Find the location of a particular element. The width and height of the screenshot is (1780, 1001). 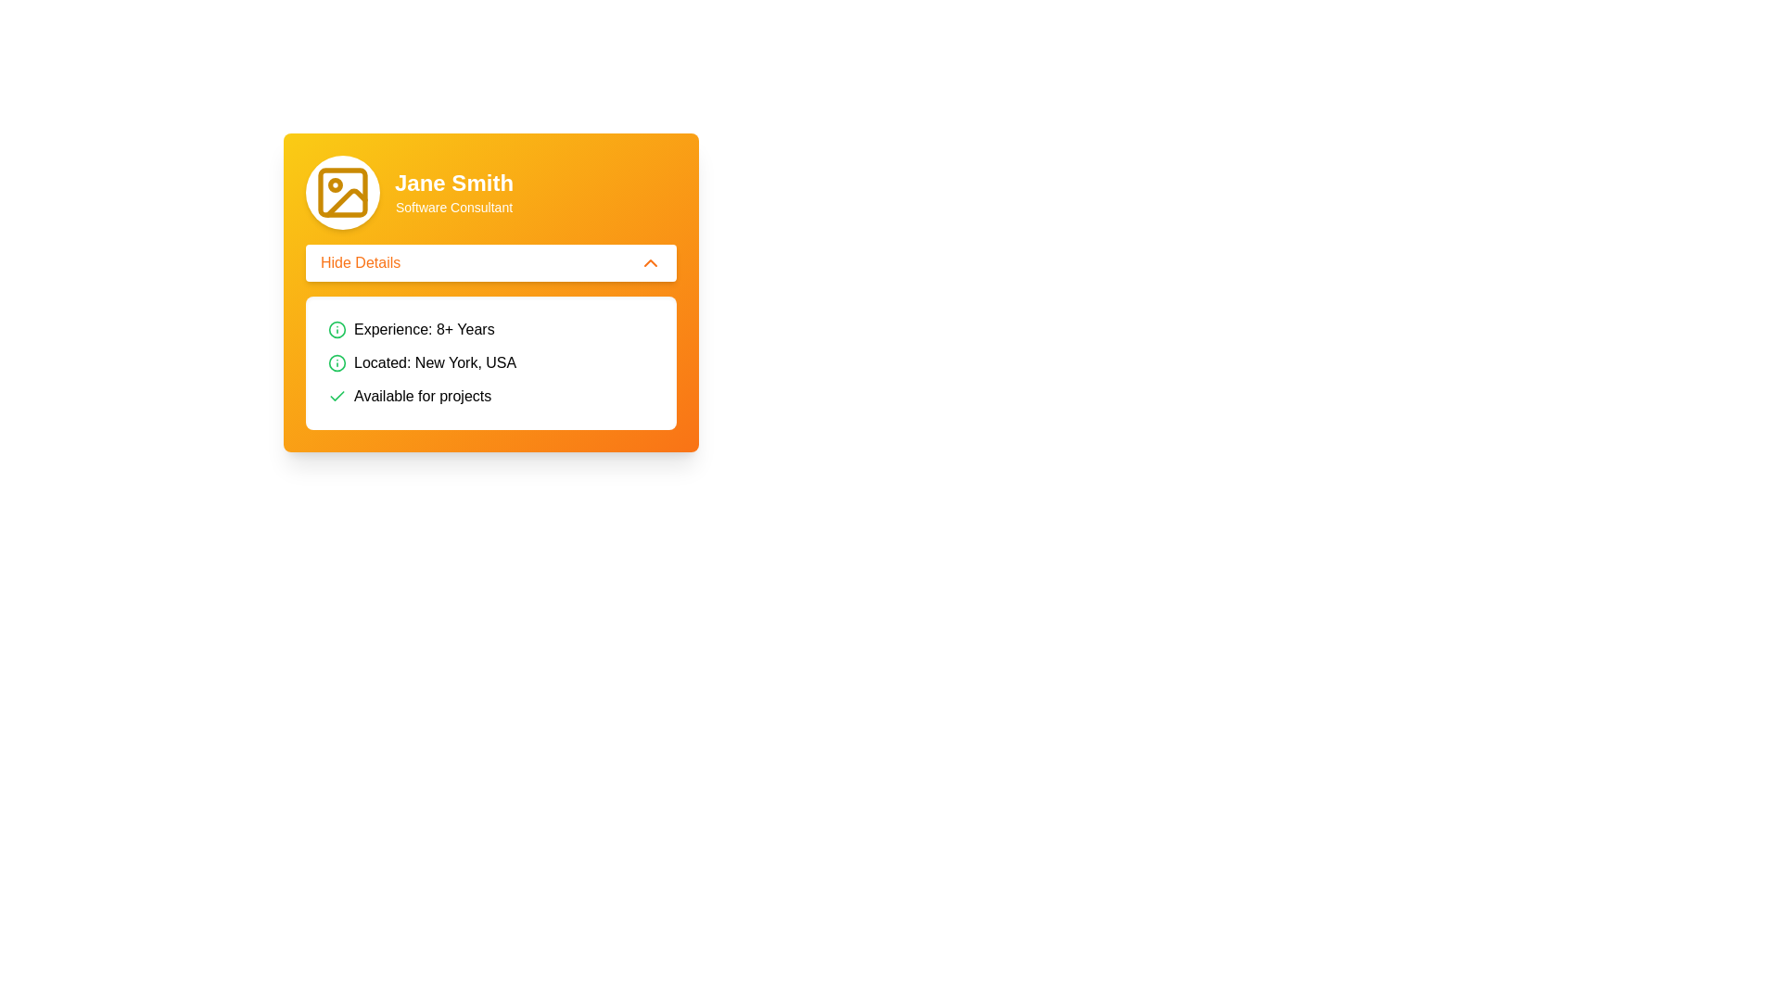

the circular graphical icon with a green border that indicates location, adjacent to the text 'Located: New York, USA' is located at coordinates (337, 328).